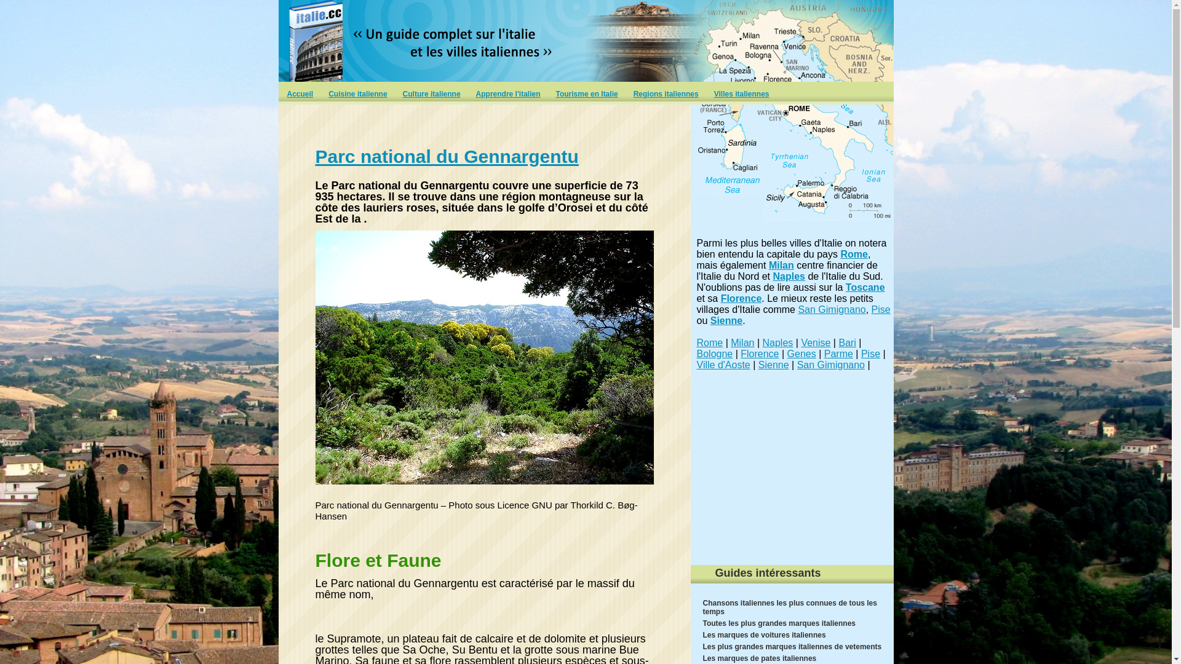 The height and width of the screenshot is (664, 1181). I want to click on 'Milan', so click(731, 342).